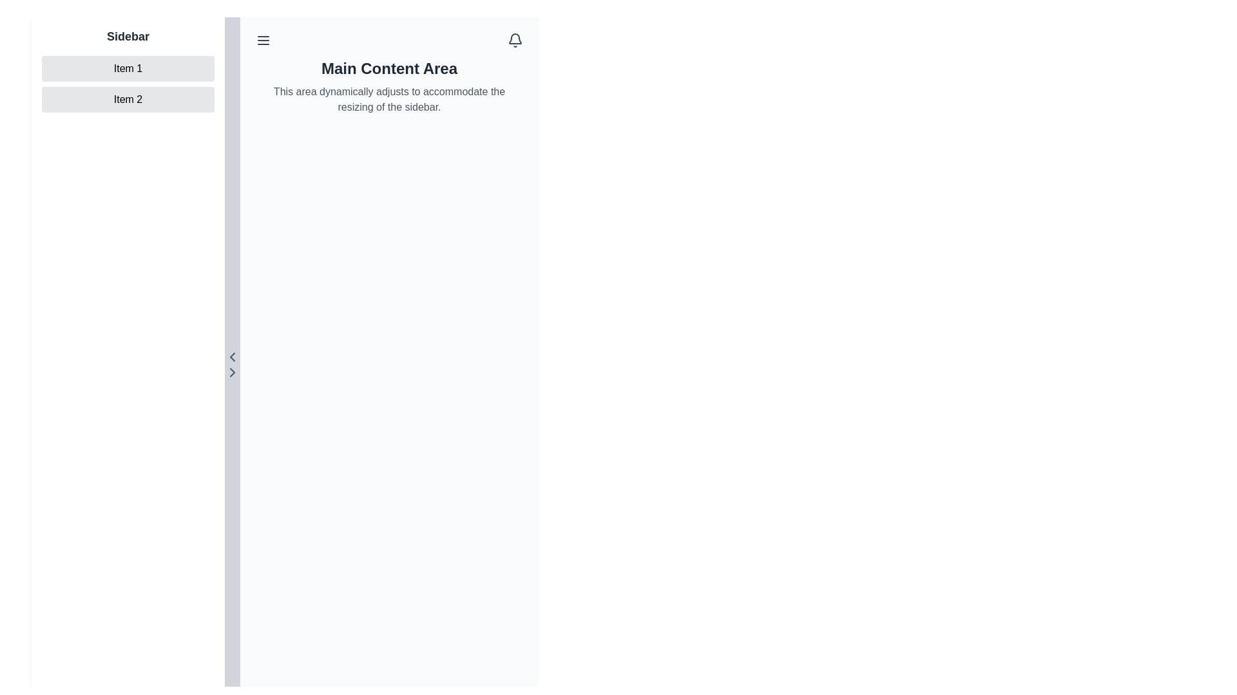  Describe the element at coordinates (232, 372) in the screenshot. I see `the right-pointing chevron icon located in the sidebar panel, which is outlined with a thin stroke and positioned below the left navigation arrow` at that location.